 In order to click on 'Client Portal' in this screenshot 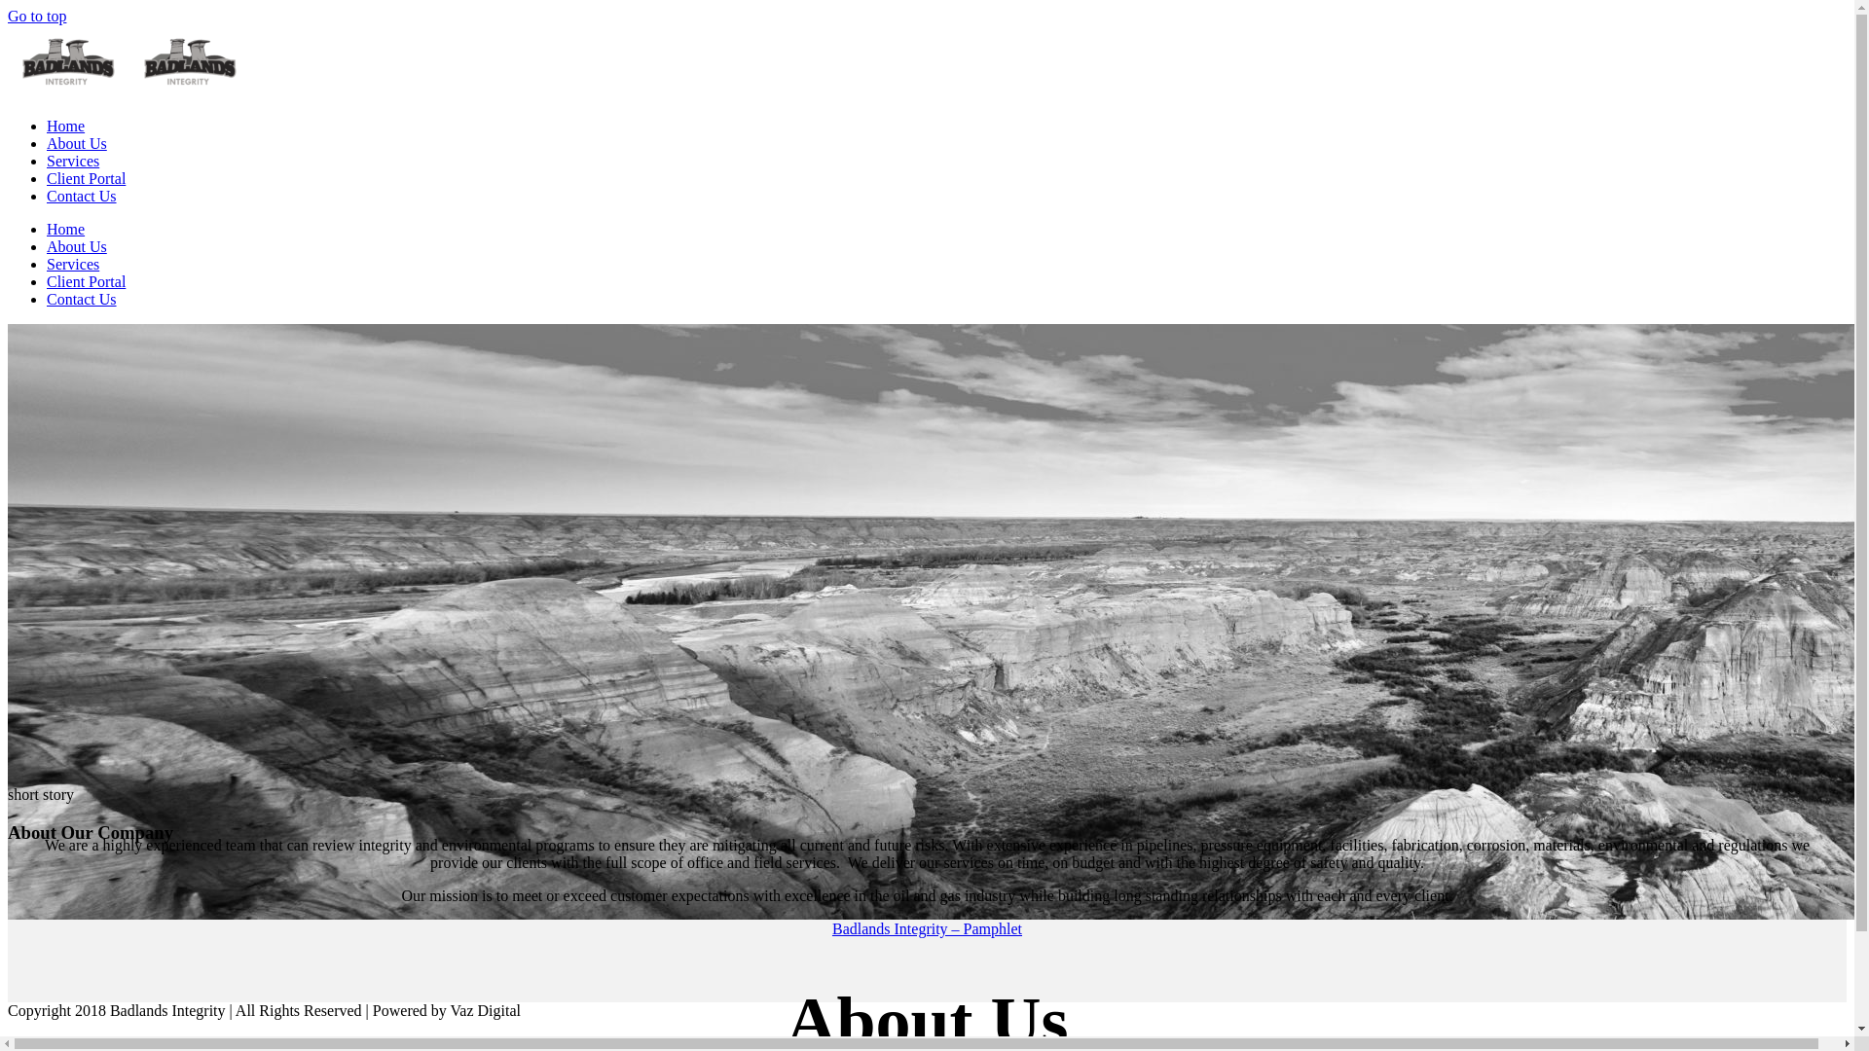, I will do `click(85, 178)`.